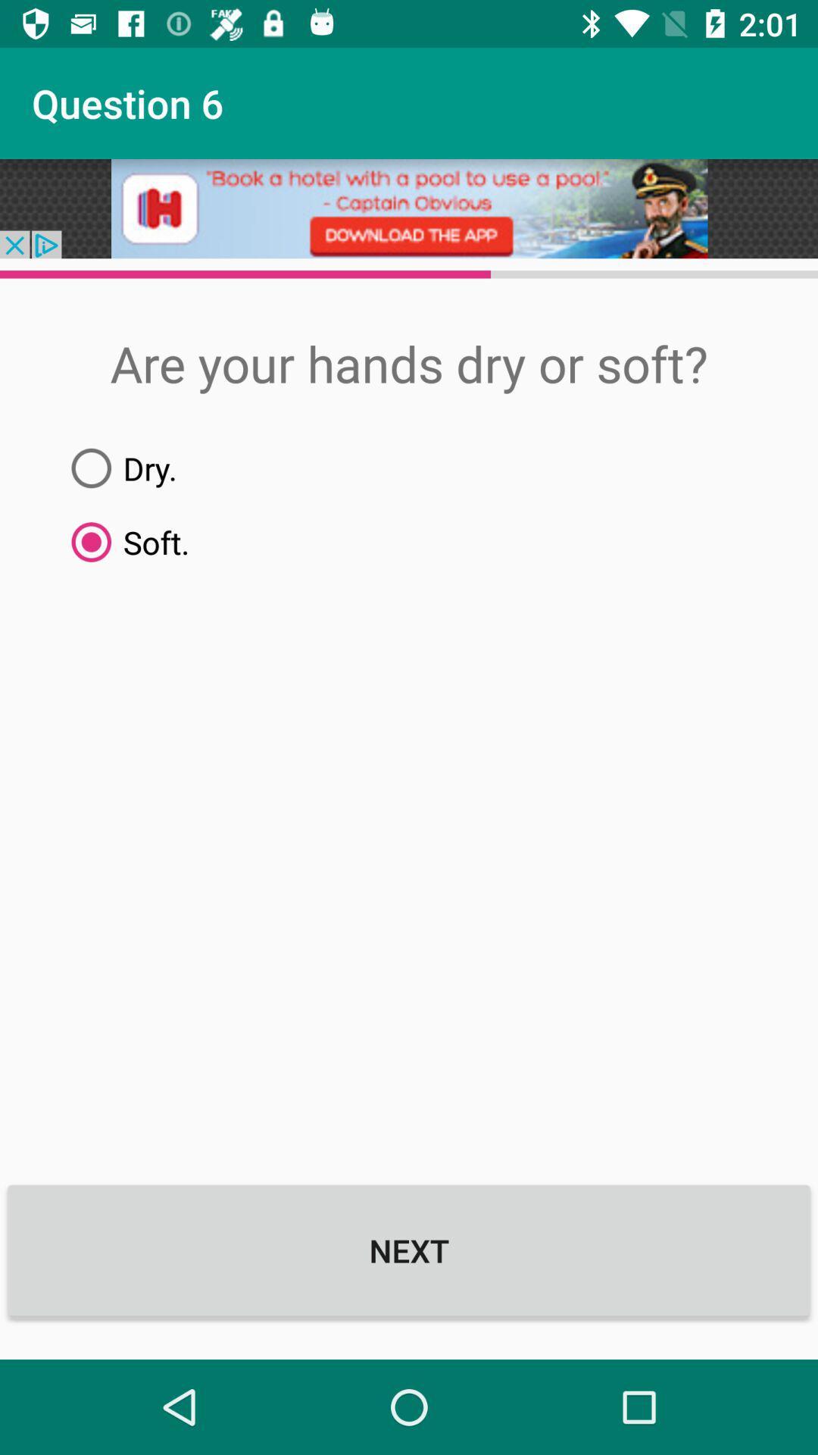 Image resolution: width=818 pixels, height=1455 pixels. What do you see at coordinates (409, 208) in the screenshot?
I see `this is add banner in app` at bounding box center [409, 208].